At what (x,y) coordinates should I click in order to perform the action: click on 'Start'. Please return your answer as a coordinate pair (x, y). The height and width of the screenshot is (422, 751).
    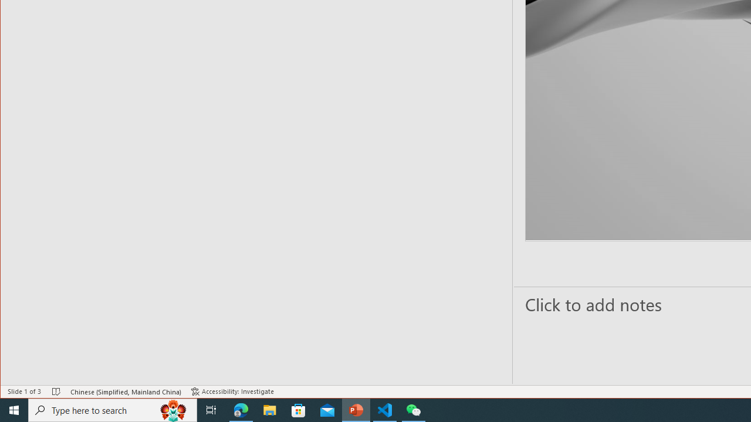
    Looking at the image, I should click on (14, 409).